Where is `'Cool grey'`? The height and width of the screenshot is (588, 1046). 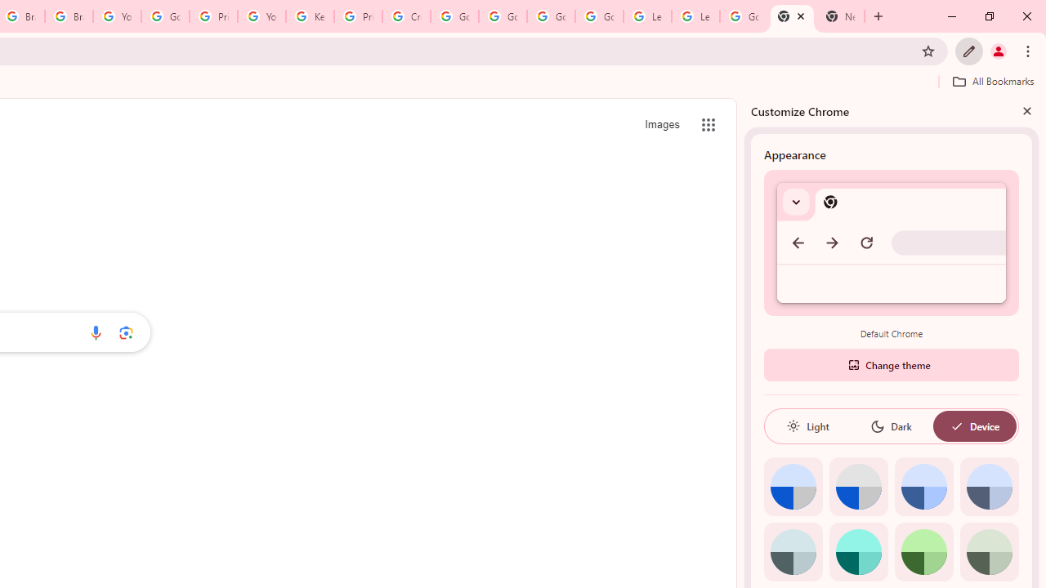 'Cool grey' is located at coordinates (988, 486).